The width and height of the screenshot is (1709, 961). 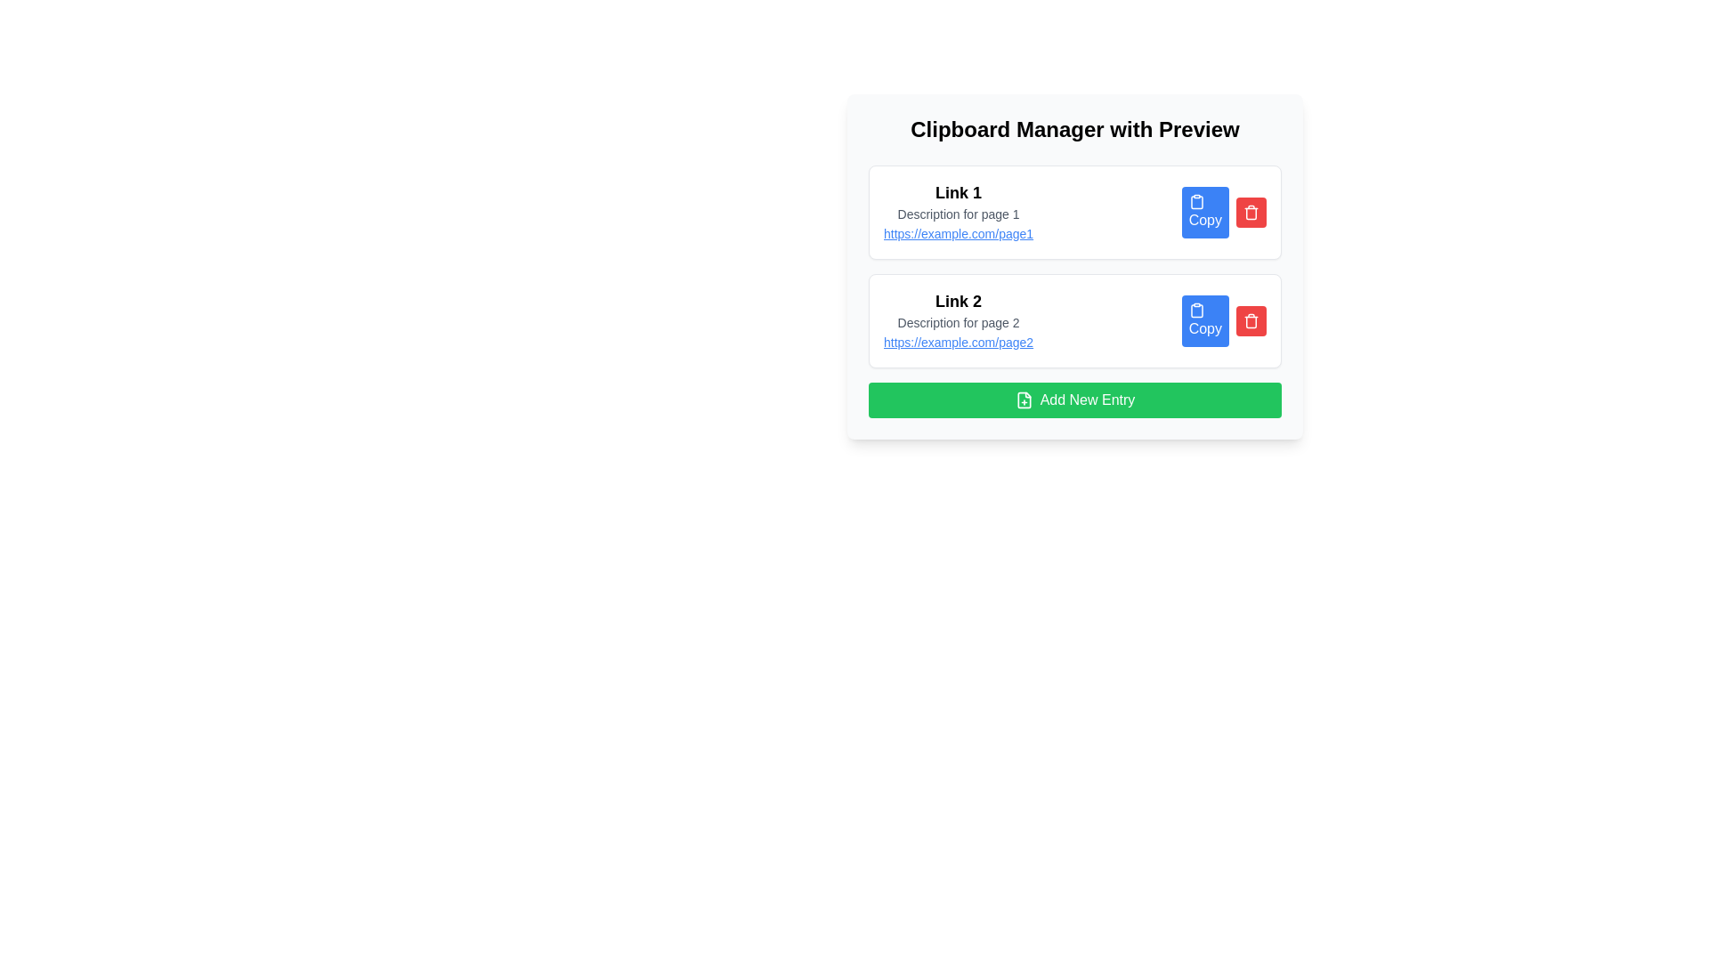 I want to click on the blue 'Copy' button with a clipboard icon, so click(x=1223, y=212).